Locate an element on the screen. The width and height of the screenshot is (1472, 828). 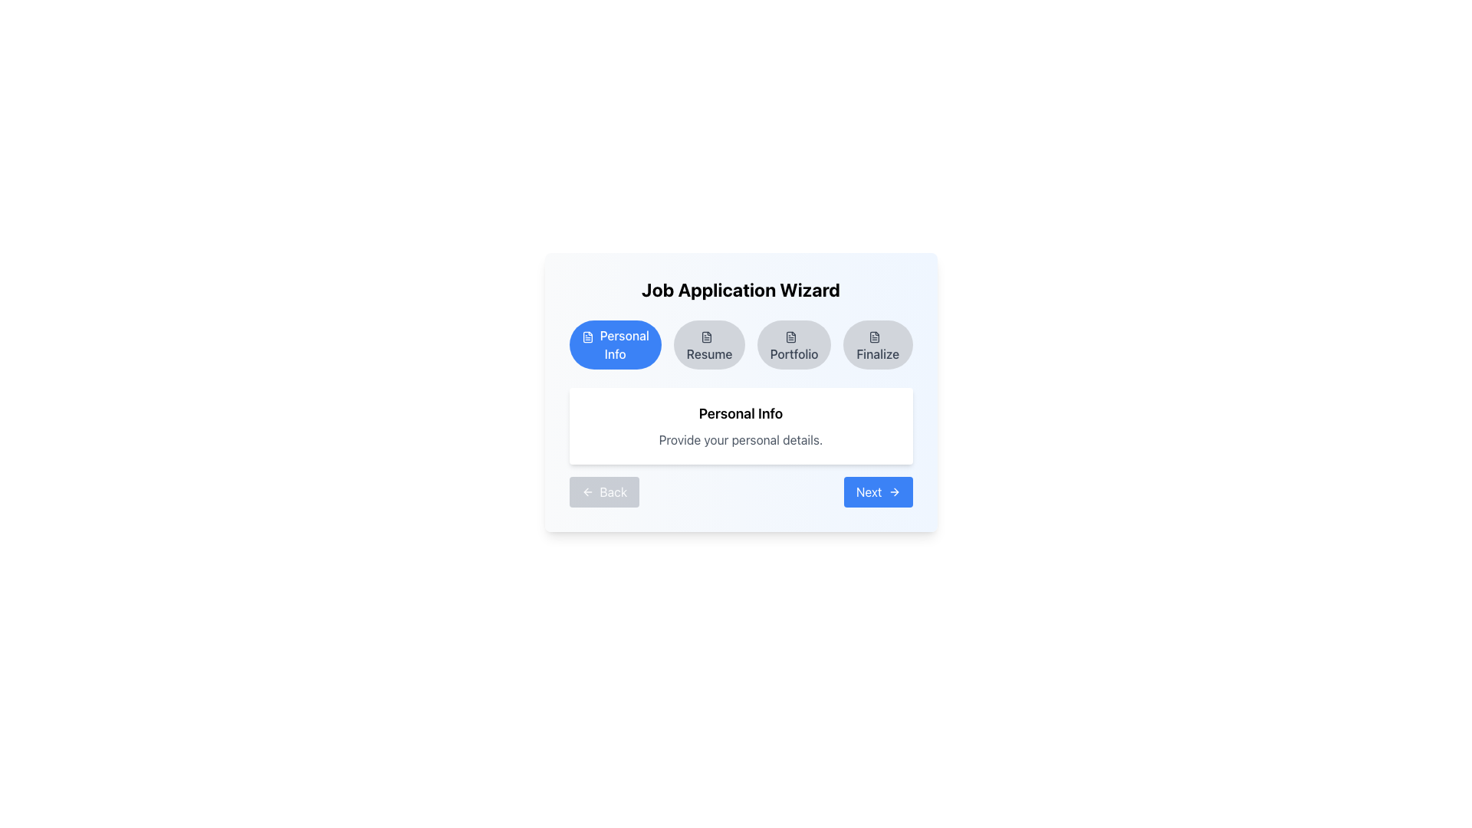
the 'Resume' tab in the Navigation Bar is located at coordinates (741, 345).